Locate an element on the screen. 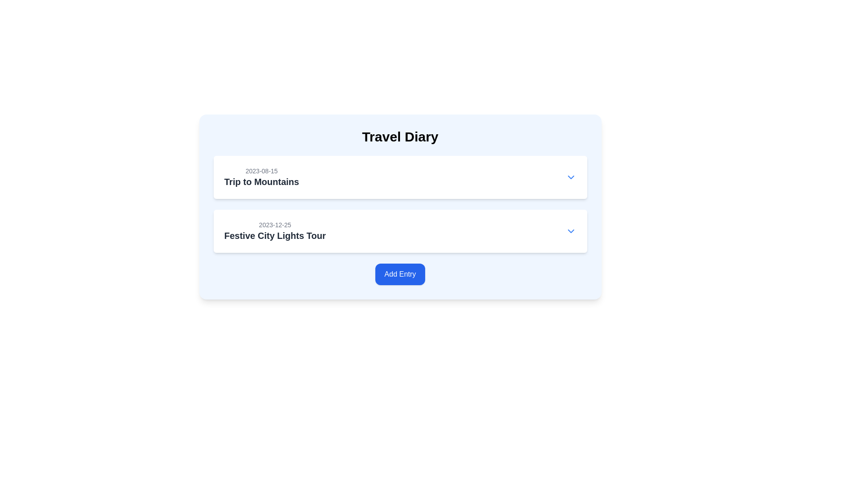 Image resolution: width=862 pixels, height=485 pixels. the text label displaying the title of the second entry in the travel diary, located below the date '2023-12-25' is located at coordinates (274, 235).